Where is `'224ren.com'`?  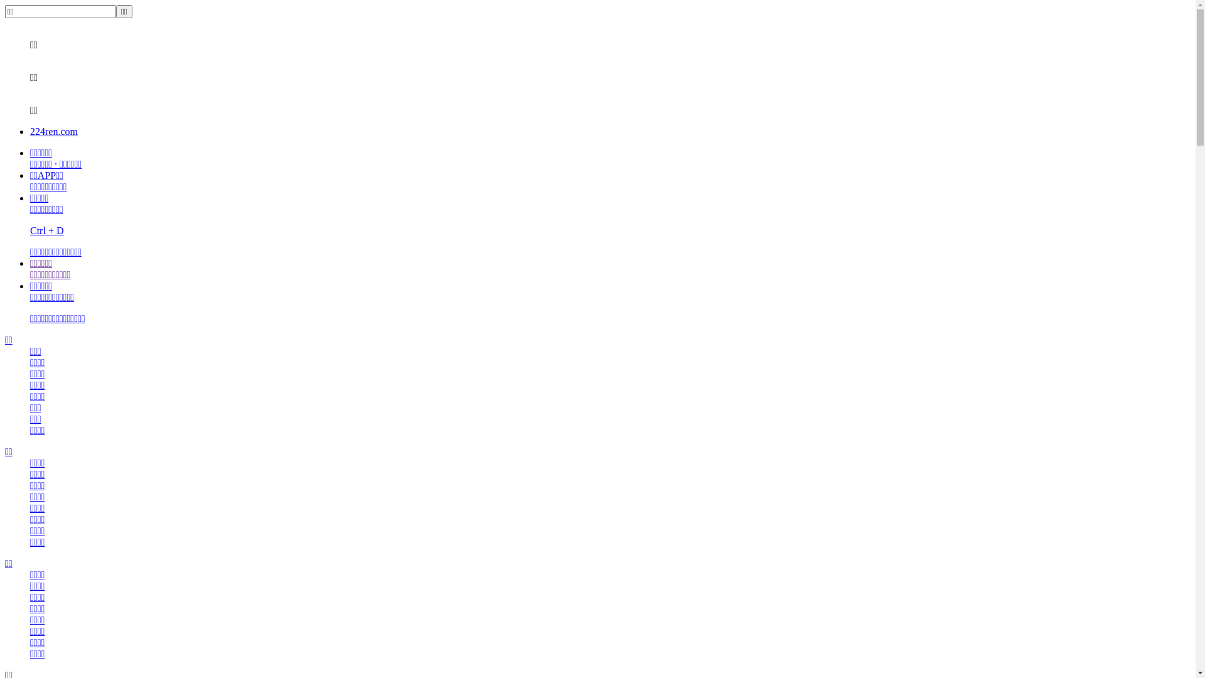
'224ren.com' is located at coordinates (53, 131).